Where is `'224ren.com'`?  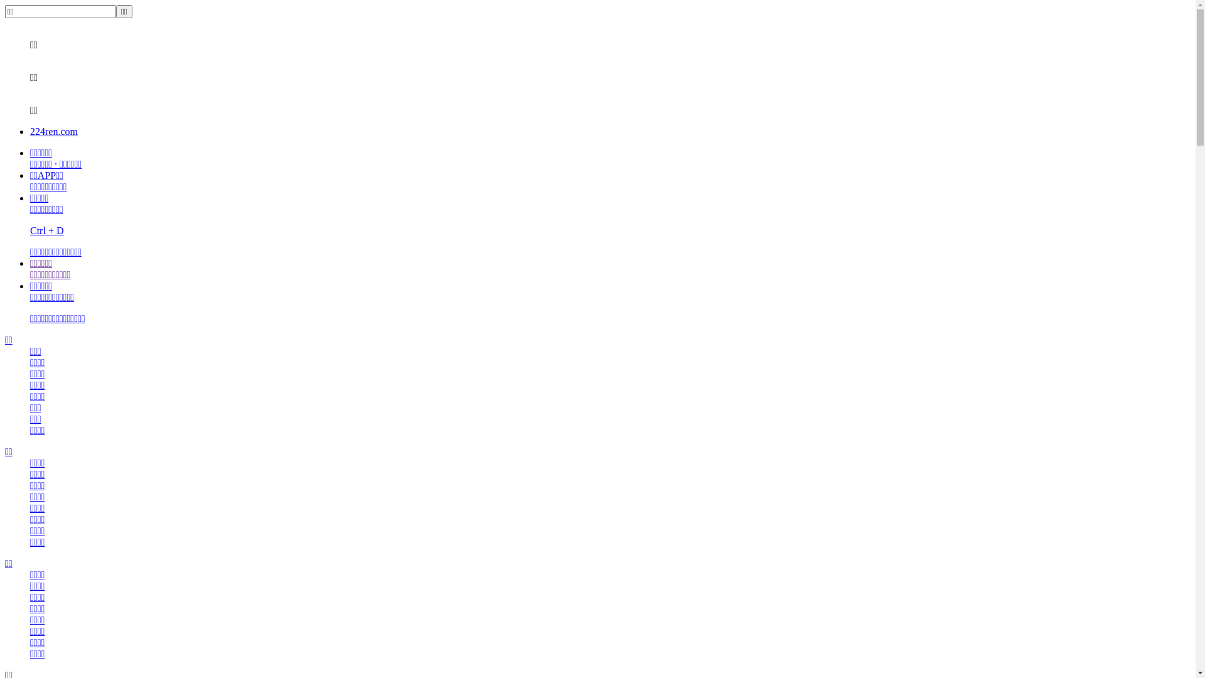
'224ren.com' is located at coordinates (53, 131).